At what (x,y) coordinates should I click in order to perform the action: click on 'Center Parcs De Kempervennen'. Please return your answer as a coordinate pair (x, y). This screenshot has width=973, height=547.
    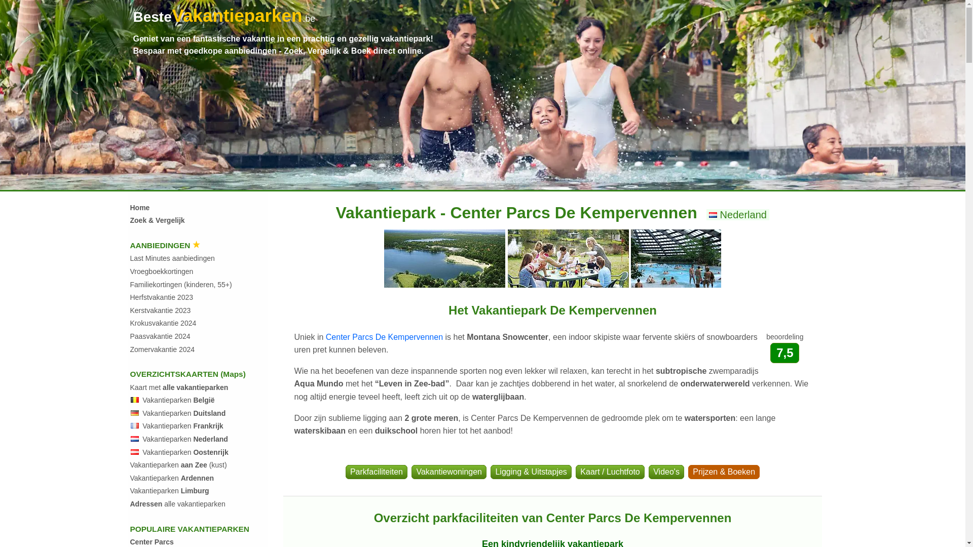
    Looking at the image, I should click on (326, 337).